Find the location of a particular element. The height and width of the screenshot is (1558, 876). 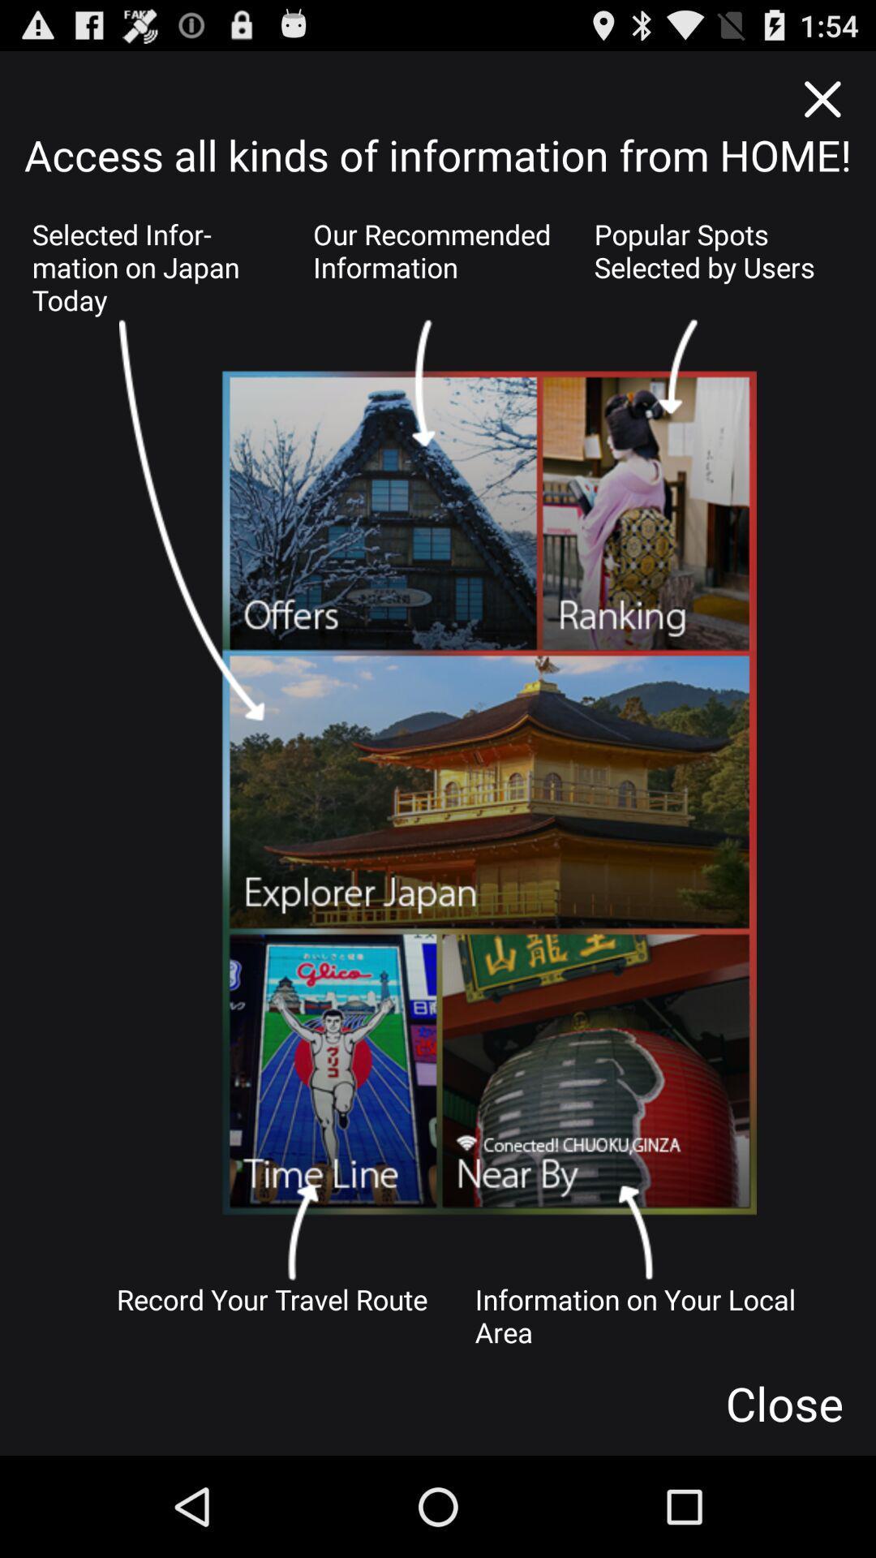

the close button is located at coordinates (784, 1402).